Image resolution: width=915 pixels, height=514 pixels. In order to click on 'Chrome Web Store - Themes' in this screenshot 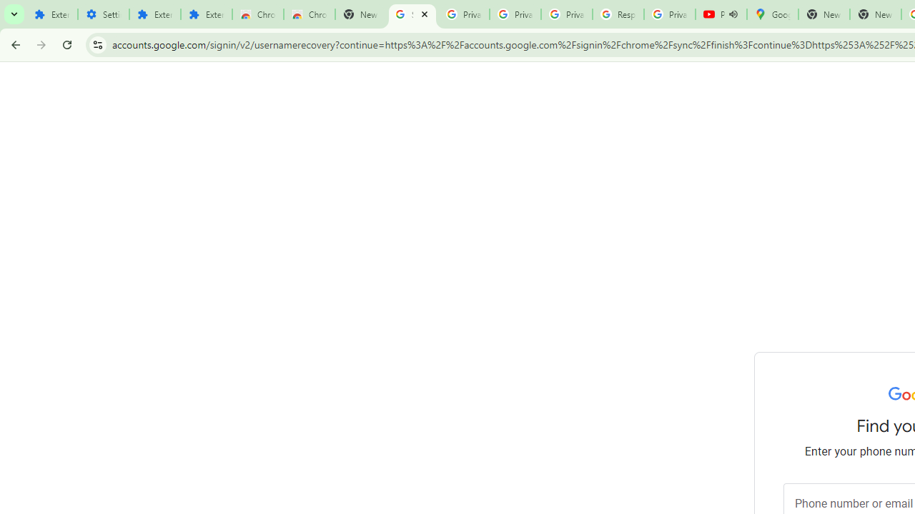, I will do `click(308, 14)`.